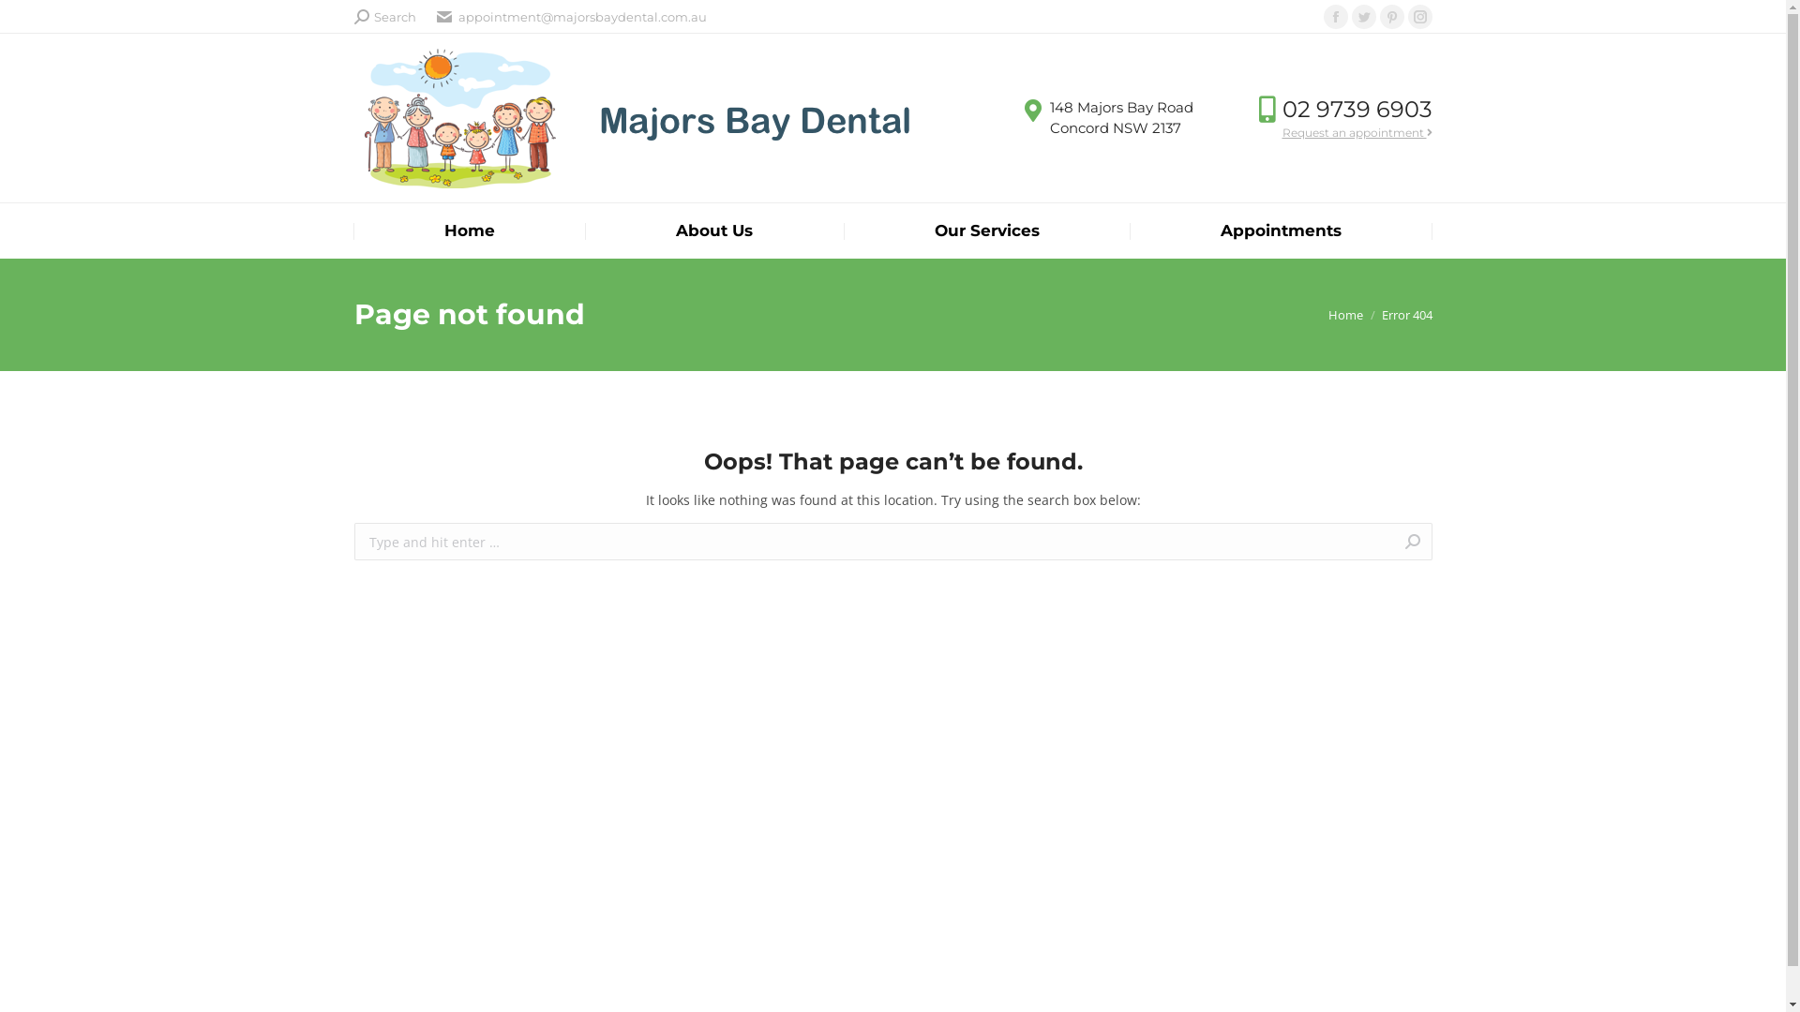 The width and height of the screenshot is (1800, 1012). Describe the element at coordinates (31, 21) in the screenshot. I see `'Go!'` at that location.